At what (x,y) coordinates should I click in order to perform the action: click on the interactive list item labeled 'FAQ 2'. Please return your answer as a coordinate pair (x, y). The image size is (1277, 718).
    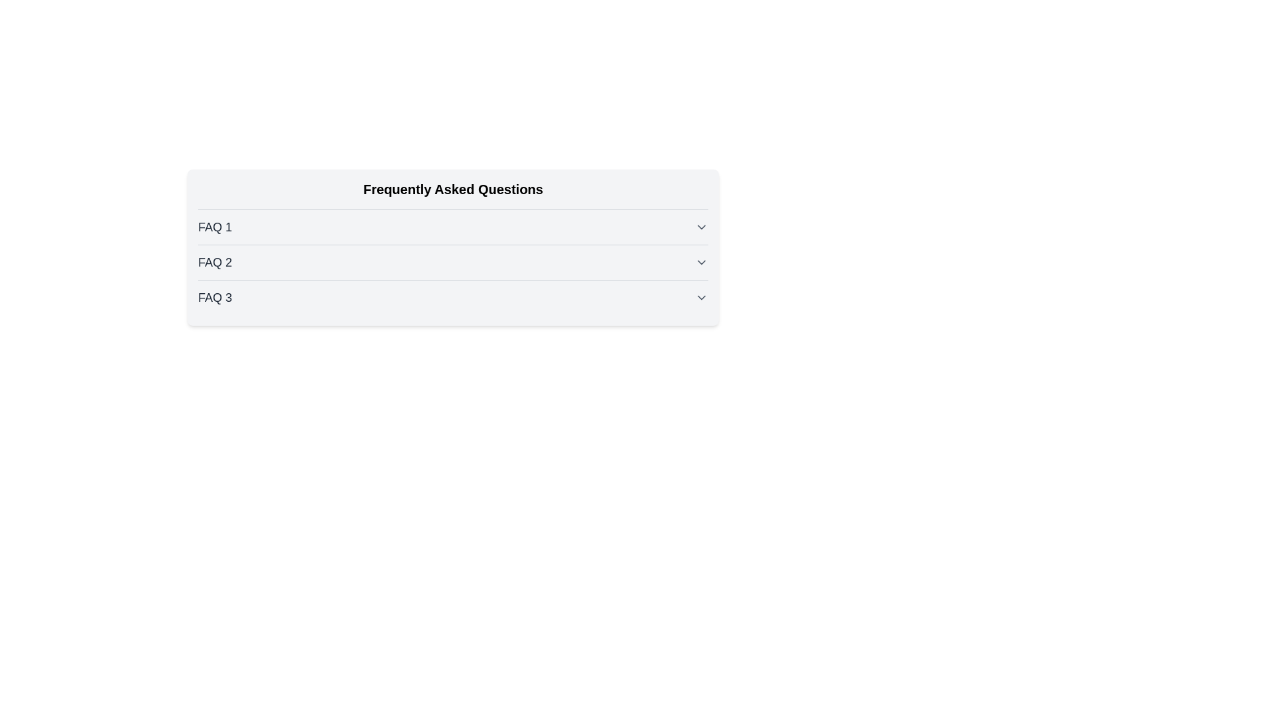
    Looking at the image, I should click on (453, 258).